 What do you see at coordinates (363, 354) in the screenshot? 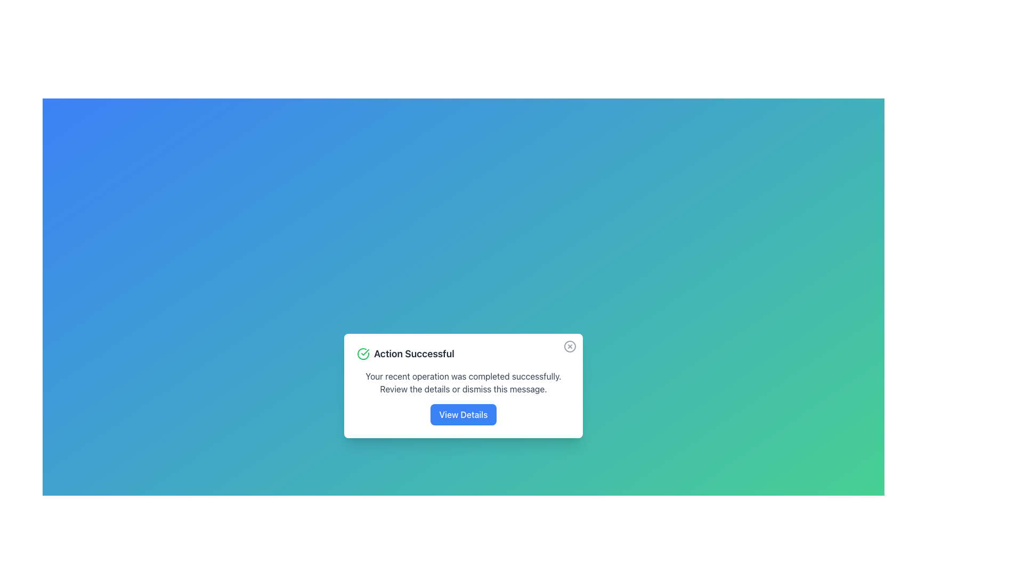
I see `the success indicator icon located to the left of the 'Action Successful' text in the notification box` at bounding box center [363, 354].